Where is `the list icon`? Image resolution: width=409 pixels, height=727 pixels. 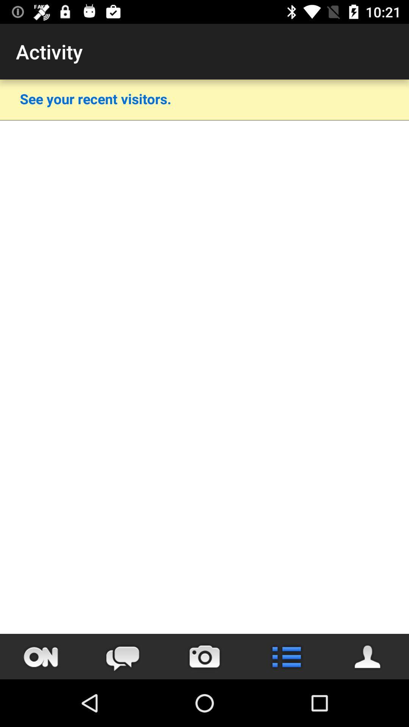 the list icon is located at coordinates (286, 656).